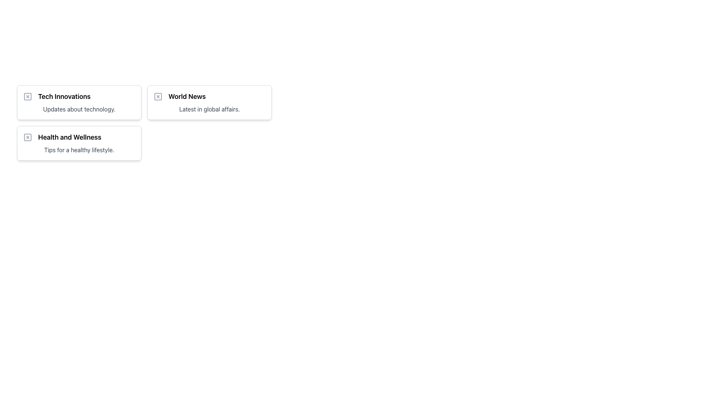 The height and width of the screenshot is (400, 711). Describe the element at coordinates (28, 96) in the screenshot. I see `the graphical square component that is part of the 'close' or 'dismiss' icon on the 'Tech Innovations' card located at the top-left corner of the layout` at that location.